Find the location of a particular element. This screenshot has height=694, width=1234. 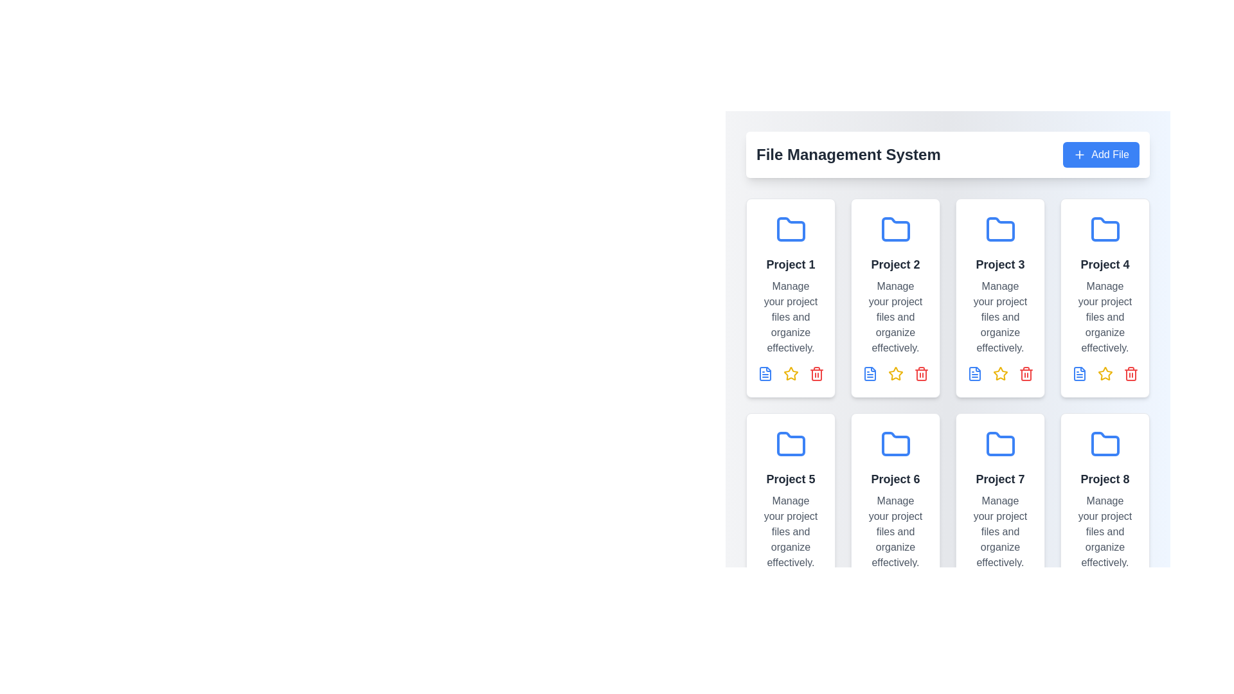

the text label that serves as the title of the project card, which is located within the first card of the grid layout, positioned above the description text and below the folder icon is located at coordinates (790, 264).